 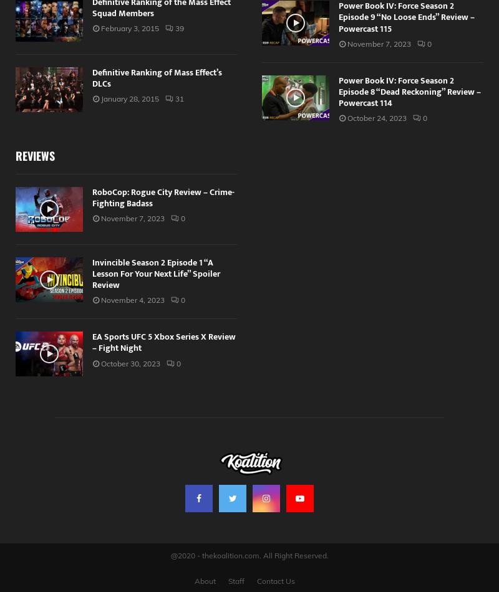 What do you see at coordinates (163, 196) in the screenshot?
I see `'RoboCop: Rogue City Review – Crime-Fighting Badass'` at bounding box center [163, 196].